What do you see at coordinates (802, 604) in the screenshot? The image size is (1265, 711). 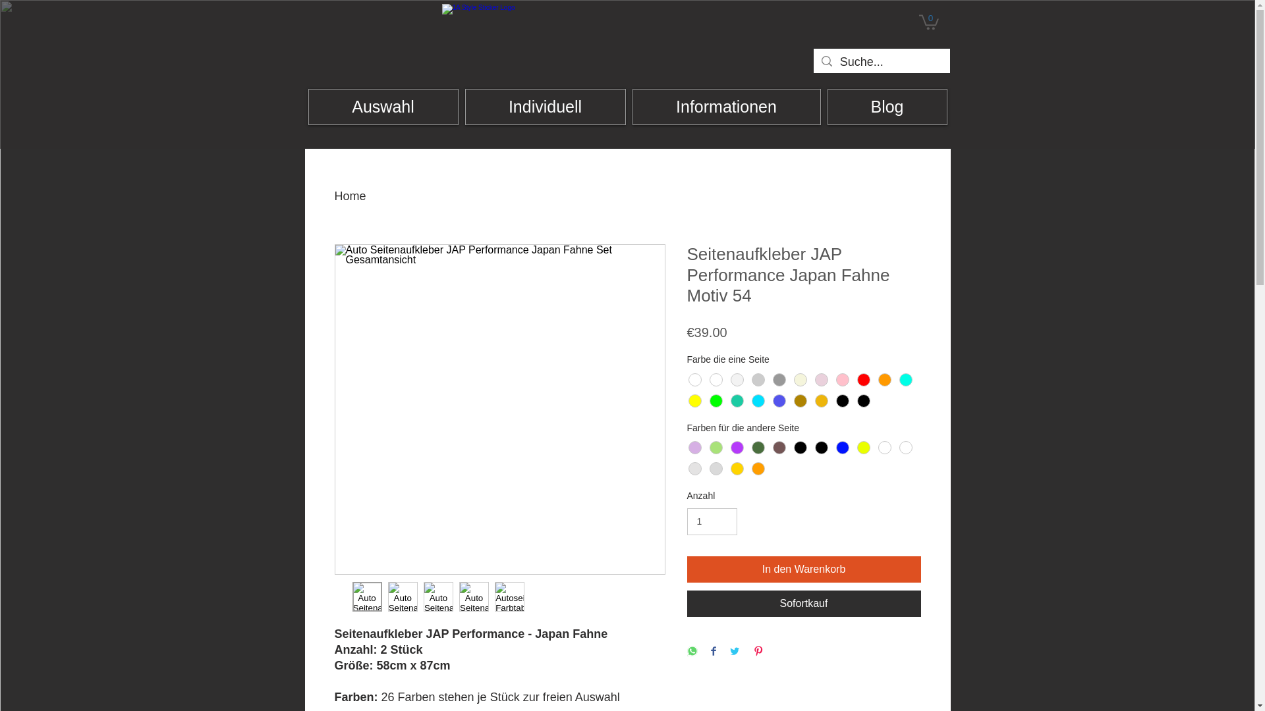 I see `'Sofortkauf'` at bounding box center [802, 604].